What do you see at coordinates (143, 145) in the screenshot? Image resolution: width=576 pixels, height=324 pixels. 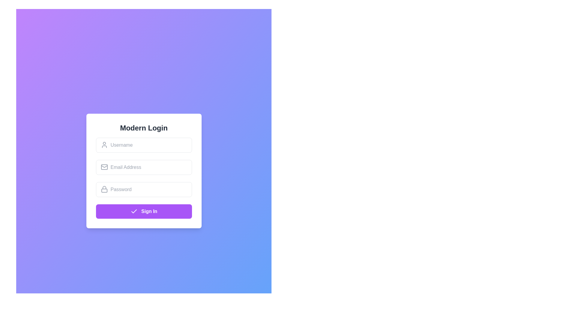 I see `the text input box for 'Username' using the tab key for accessibility` at bounding box center [143, 145].